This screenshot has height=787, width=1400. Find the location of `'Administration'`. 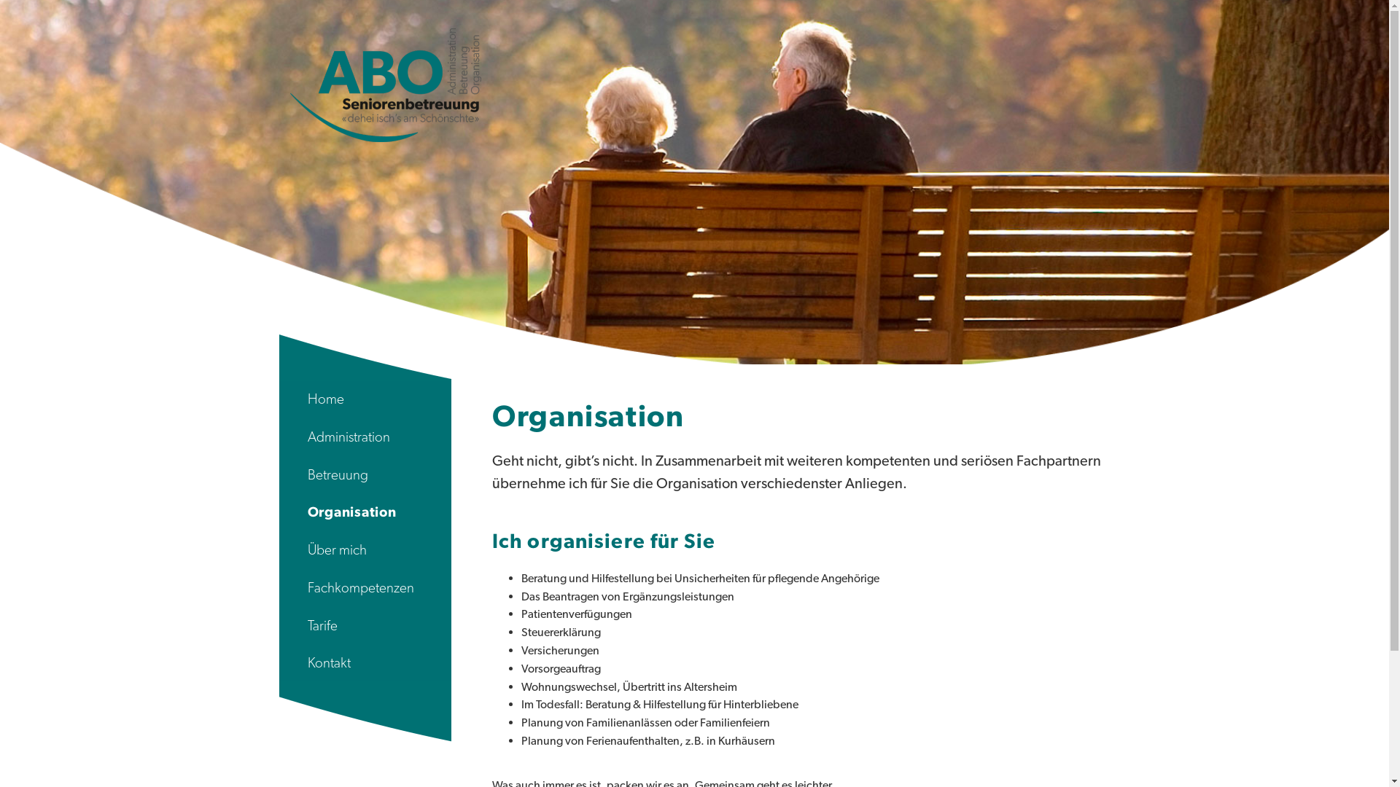

'Administration' is located at coordinates (364, 436).